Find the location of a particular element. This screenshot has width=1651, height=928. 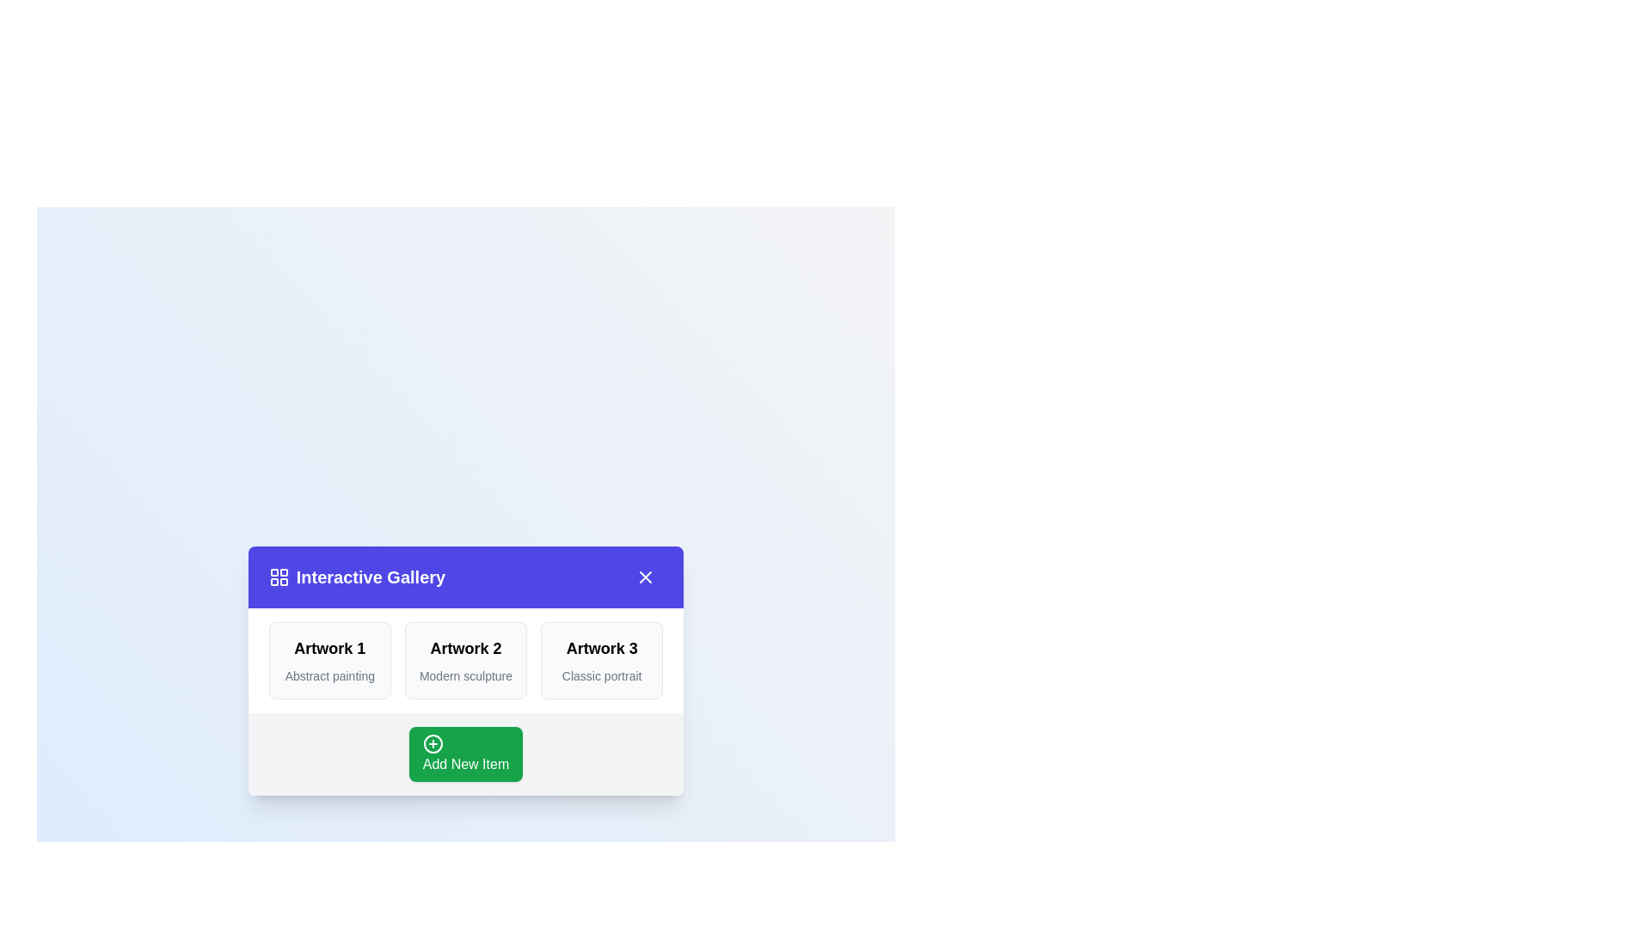

the artwork card labeled 'Artwork 2' is located at coordinates (466, 659).